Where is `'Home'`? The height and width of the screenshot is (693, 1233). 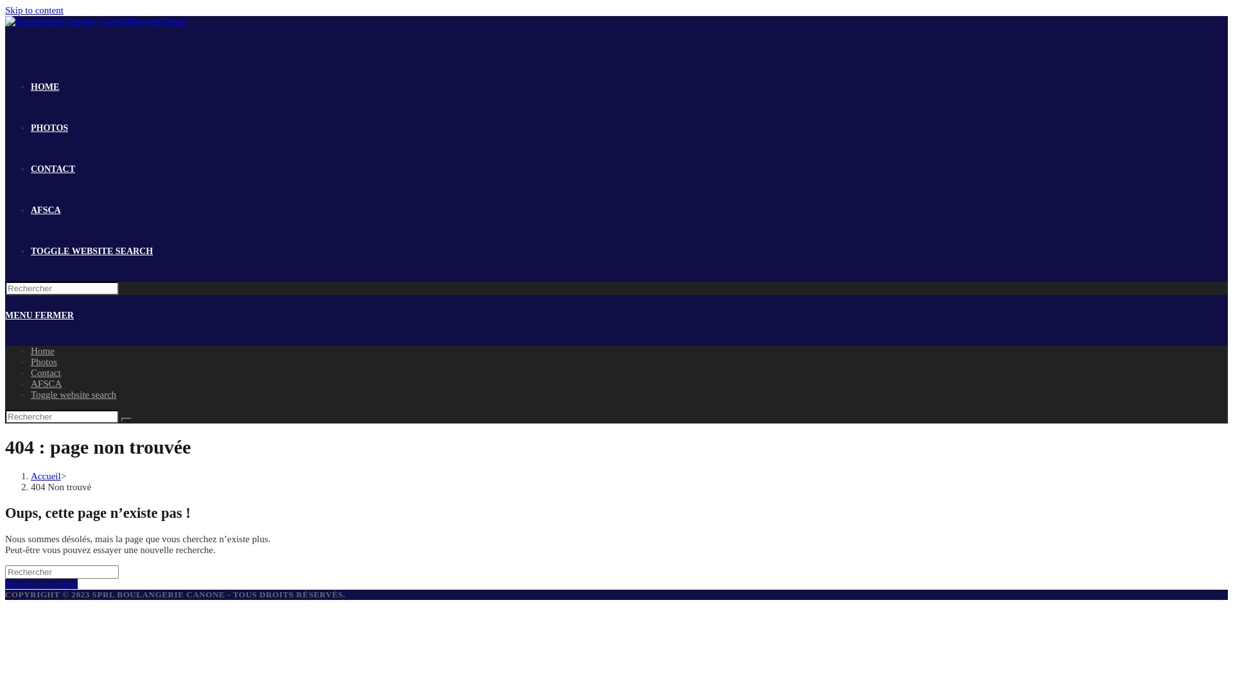
'Home' is located at coordinates (42, 351).